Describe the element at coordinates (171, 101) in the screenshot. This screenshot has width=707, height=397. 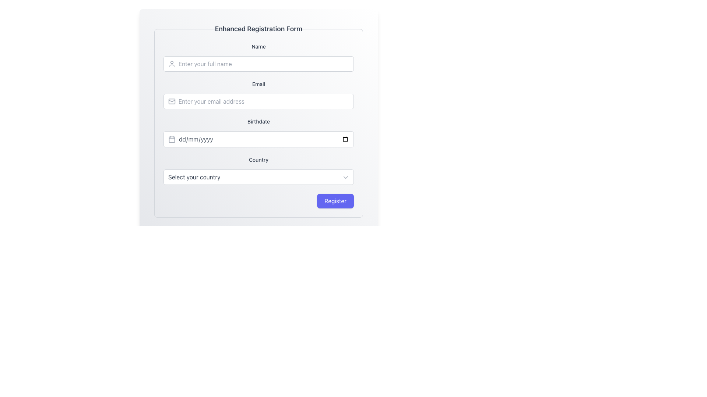
I see `the decorative envelope outline icon located to the left of the email input field, which symbolizes email functionality` at that location.